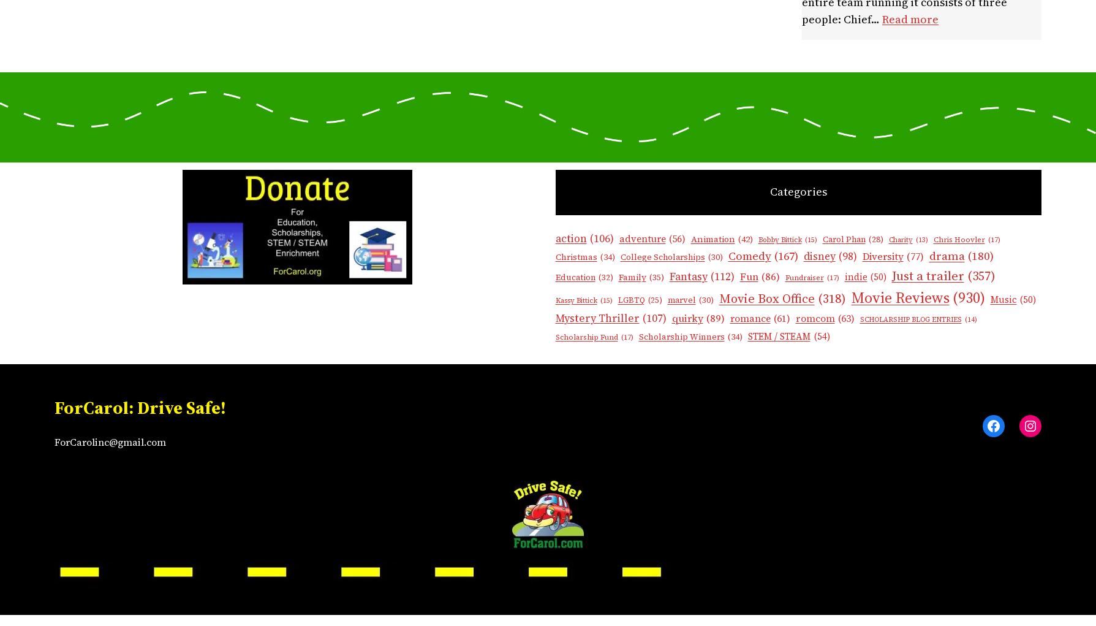 This screenshot has height=626, width=1096. What do you see at coordinates (570, 237) in the screenshot?
I see `'action'` at bounding box center [570, 237].